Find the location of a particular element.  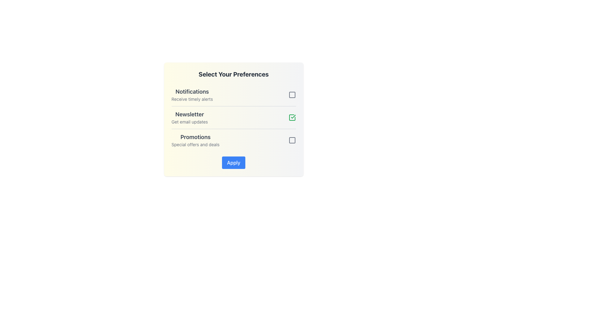

the 'Promotions' text element, which is bold, larger, and dark gray, located in the 'Select Your Preferences' section, above the 'Special offers and deals' text is located at coordinates (195, 137).